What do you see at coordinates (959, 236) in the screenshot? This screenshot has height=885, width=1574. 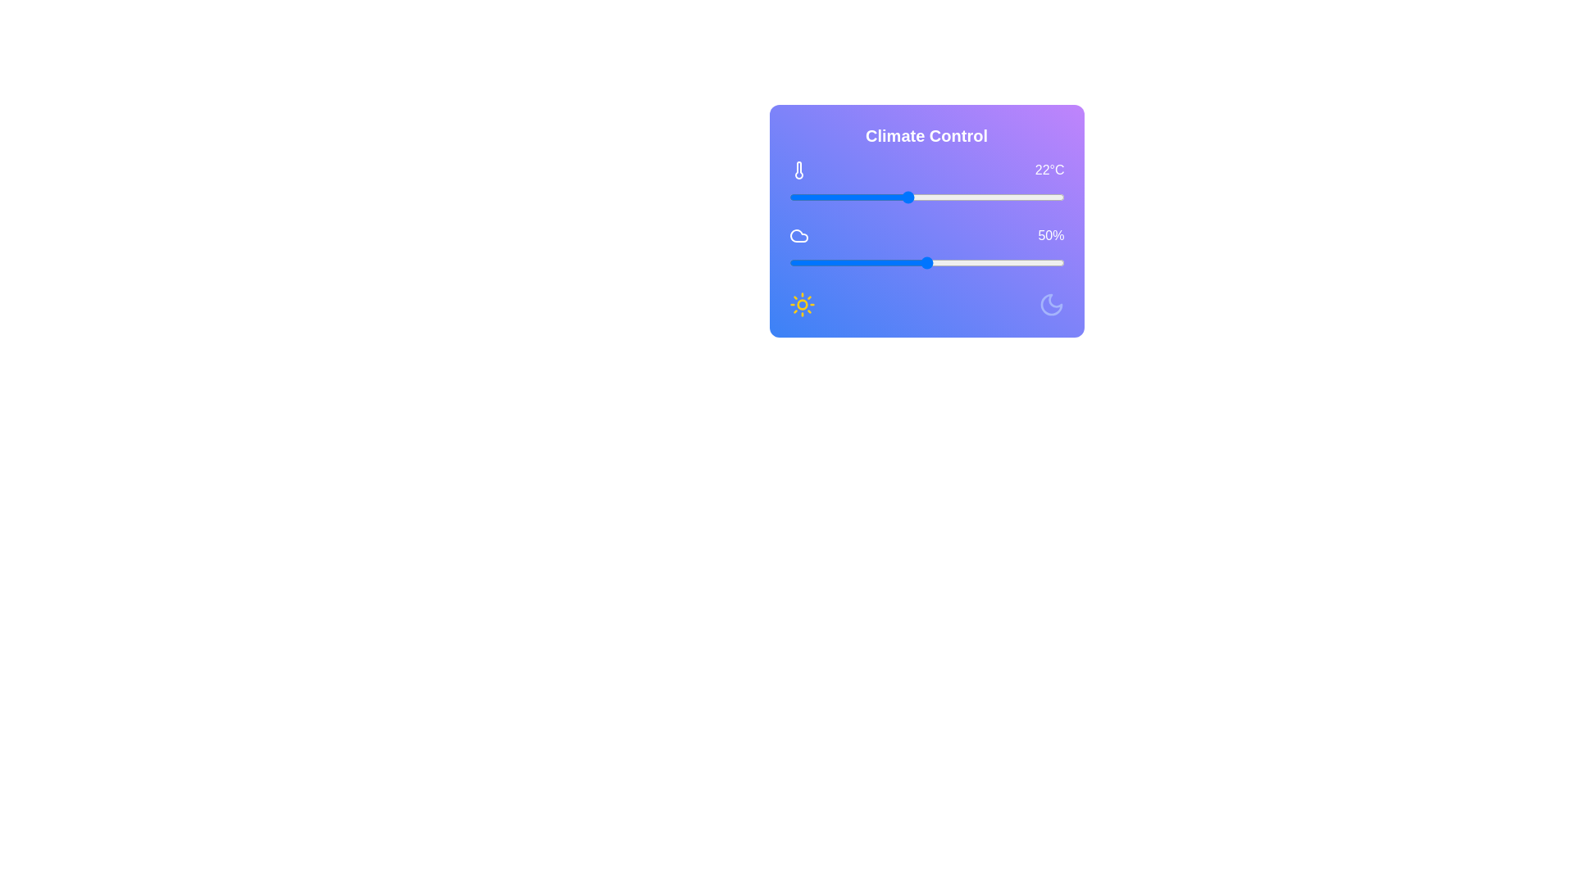 I see `the slider` at bounding box center [959, 236].